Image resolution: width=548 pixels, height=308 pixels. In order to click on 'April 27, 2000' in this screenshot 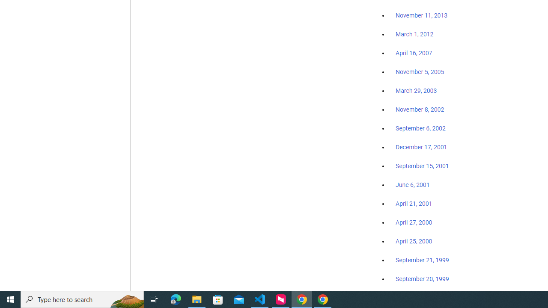, I will do `click(414, 222)`.